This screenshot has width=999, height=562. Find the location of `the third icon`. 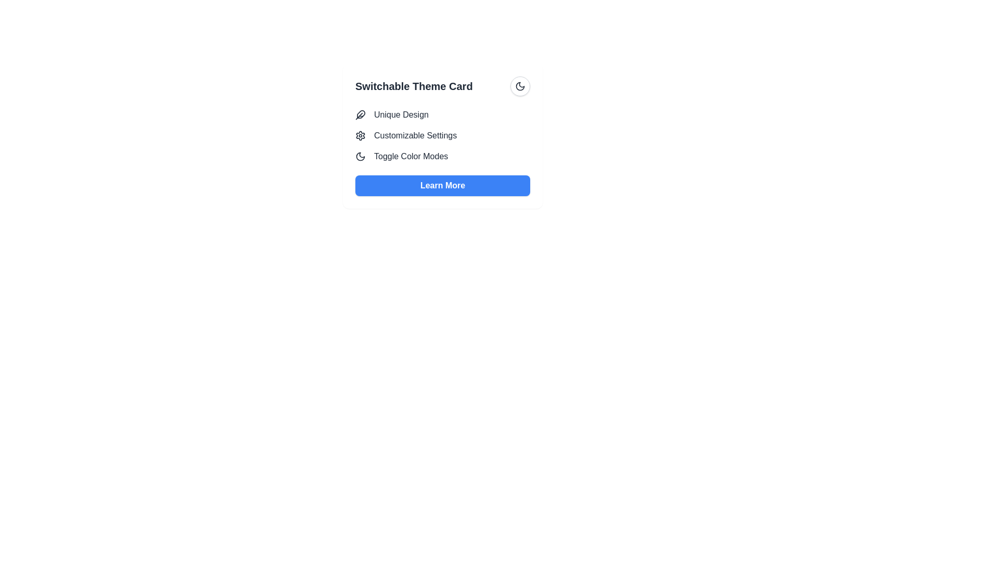

the third icon is located at coordinates (520, 85).